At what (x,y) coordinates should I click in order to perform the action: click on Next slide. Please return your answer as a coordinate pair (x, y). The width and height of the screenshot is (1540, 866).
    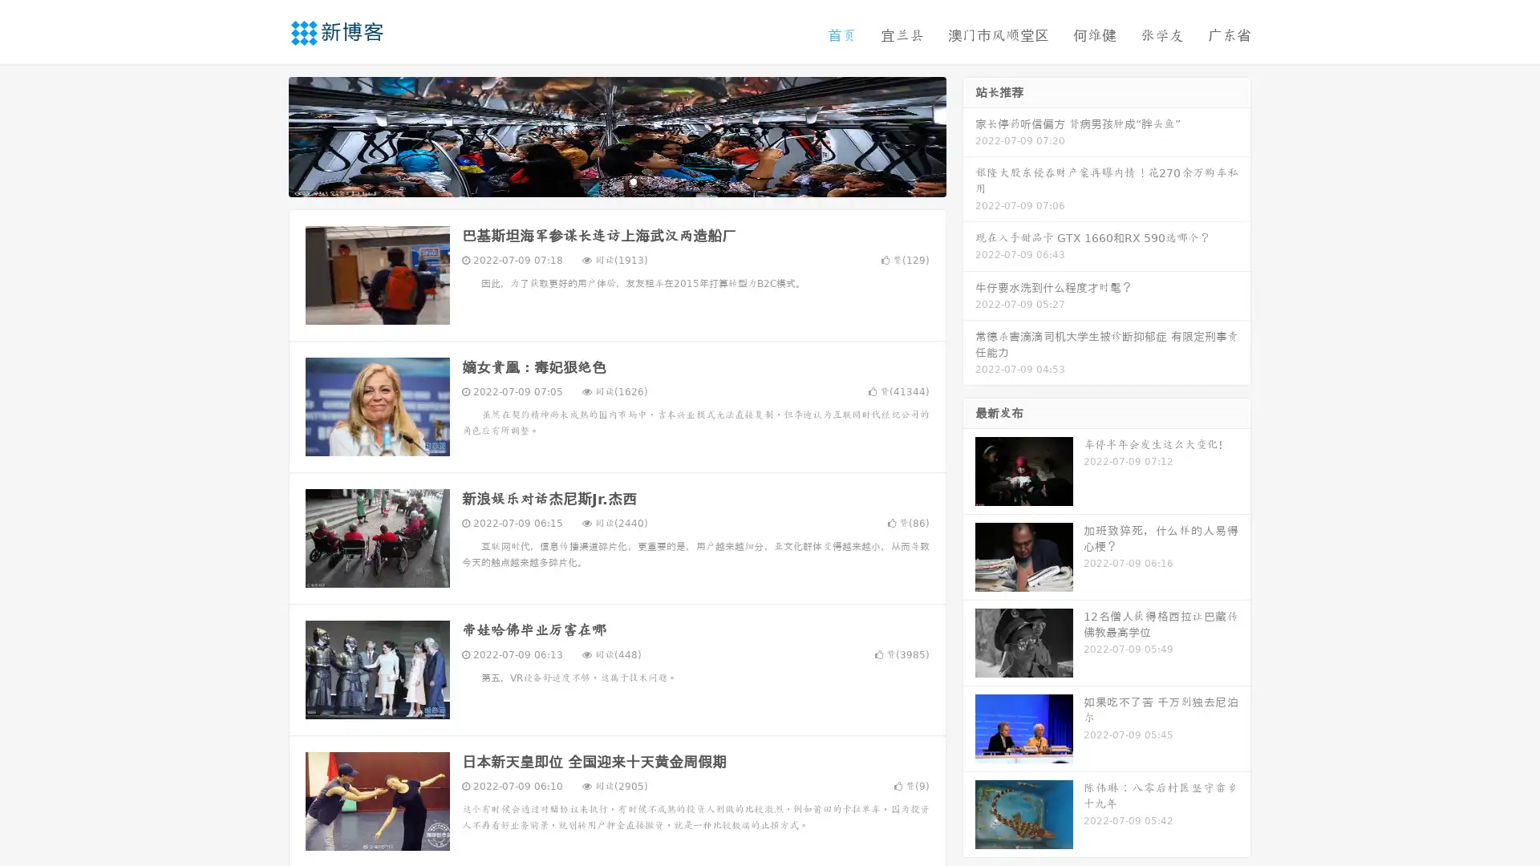
    Looking at the image, I should click on (969, 135).